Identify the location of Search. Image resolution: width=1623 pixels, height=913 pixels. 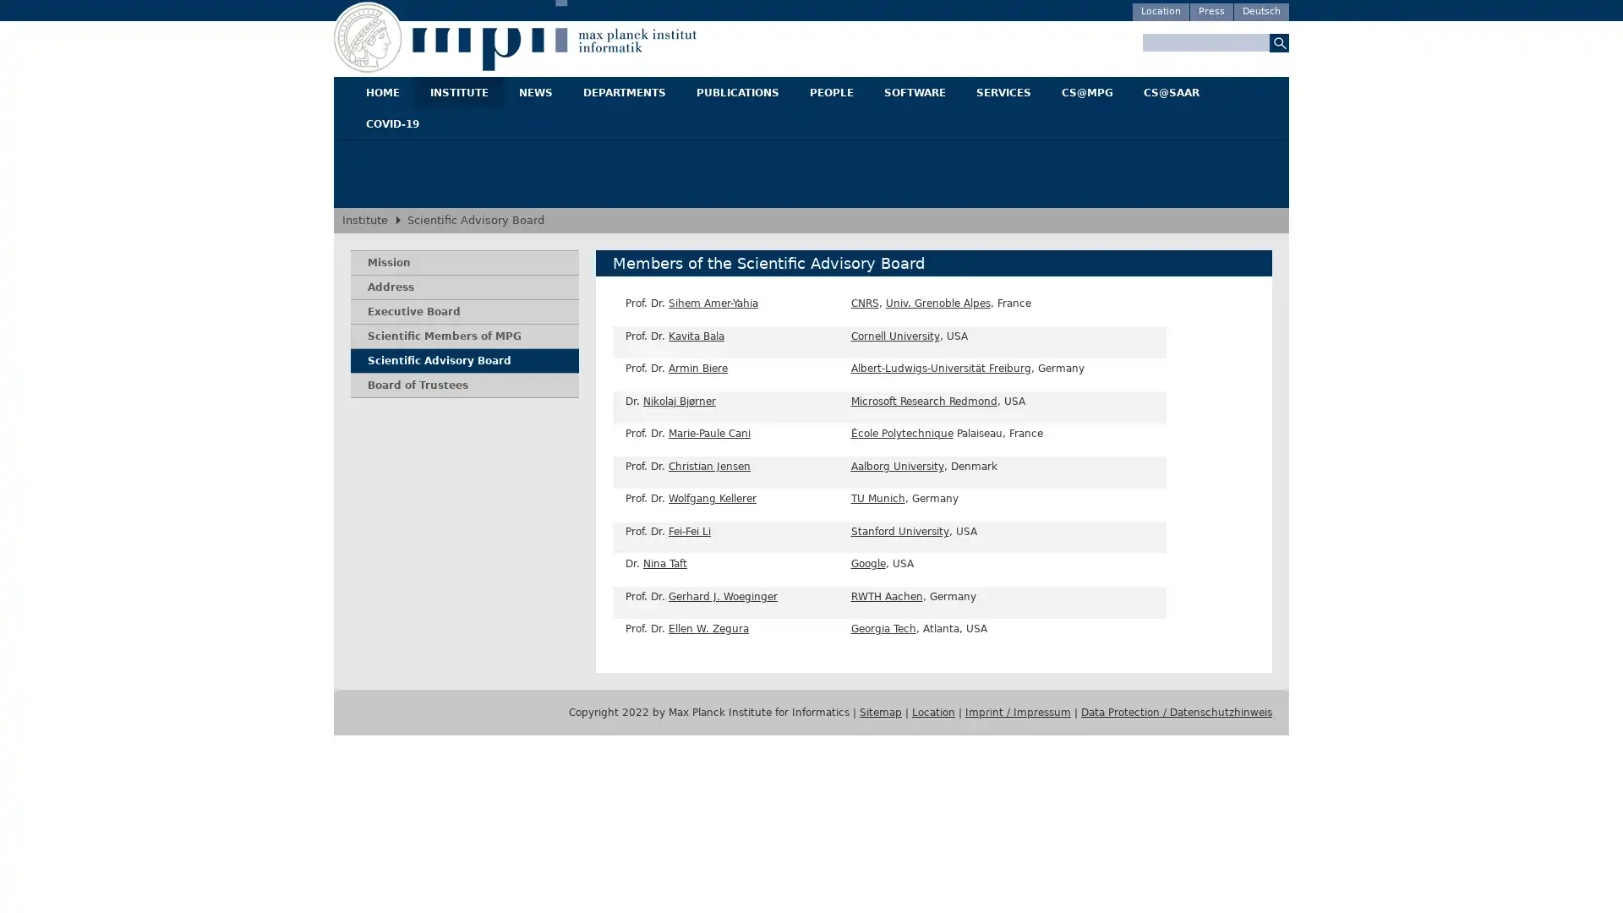
(1279, 41).